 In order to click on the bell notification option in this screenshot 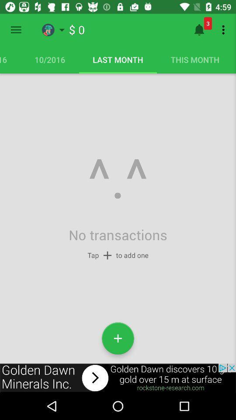, I will do `click(199, 30)`.